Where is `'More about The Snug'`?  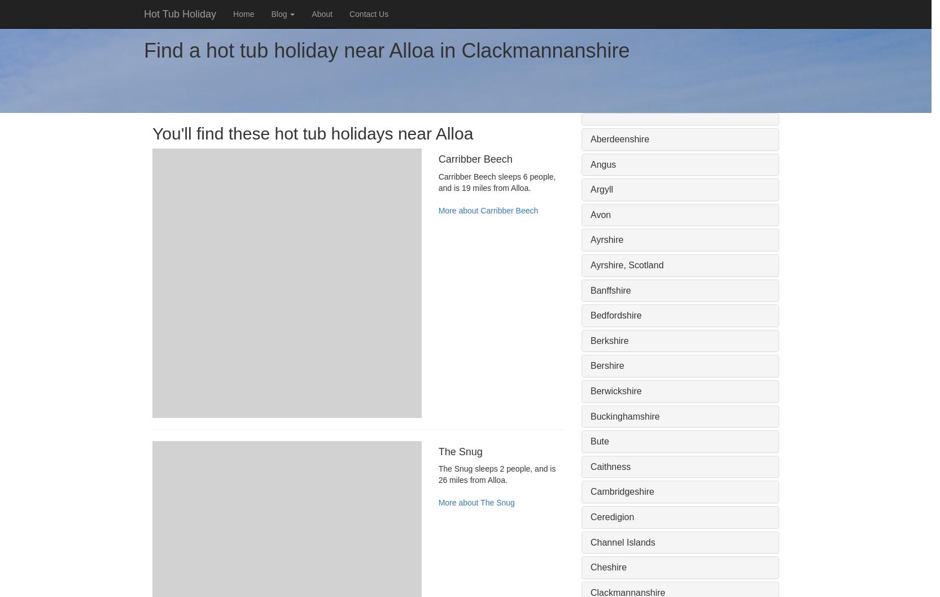 'More about The Snug' is located at coordinates (476, 502).